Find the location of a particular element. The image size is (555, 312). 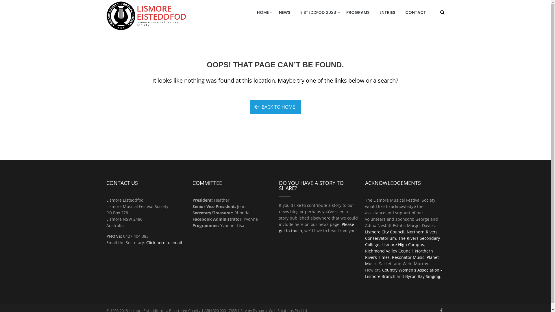

'ENTRIES' is located at coordinates (377, 12).